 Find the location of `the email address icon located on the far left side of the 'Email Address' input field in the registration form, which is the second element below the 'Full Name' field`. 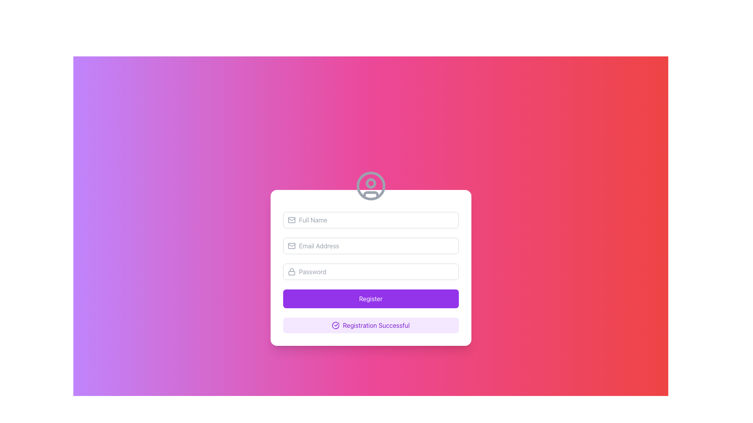

the email address icon located on the far left side of the 'Email Address' input field in the registration form, which is the second element below the 'Full Name' field is located at coordinates (291, 246).